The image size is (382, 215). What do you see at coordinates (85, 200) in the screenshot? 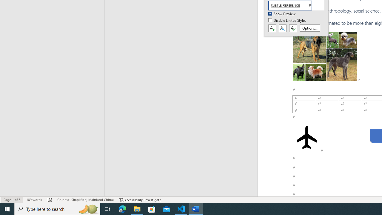
I see `'Language Chinese (Simplified, Mainland China)'` at bounding box center [85, 200].